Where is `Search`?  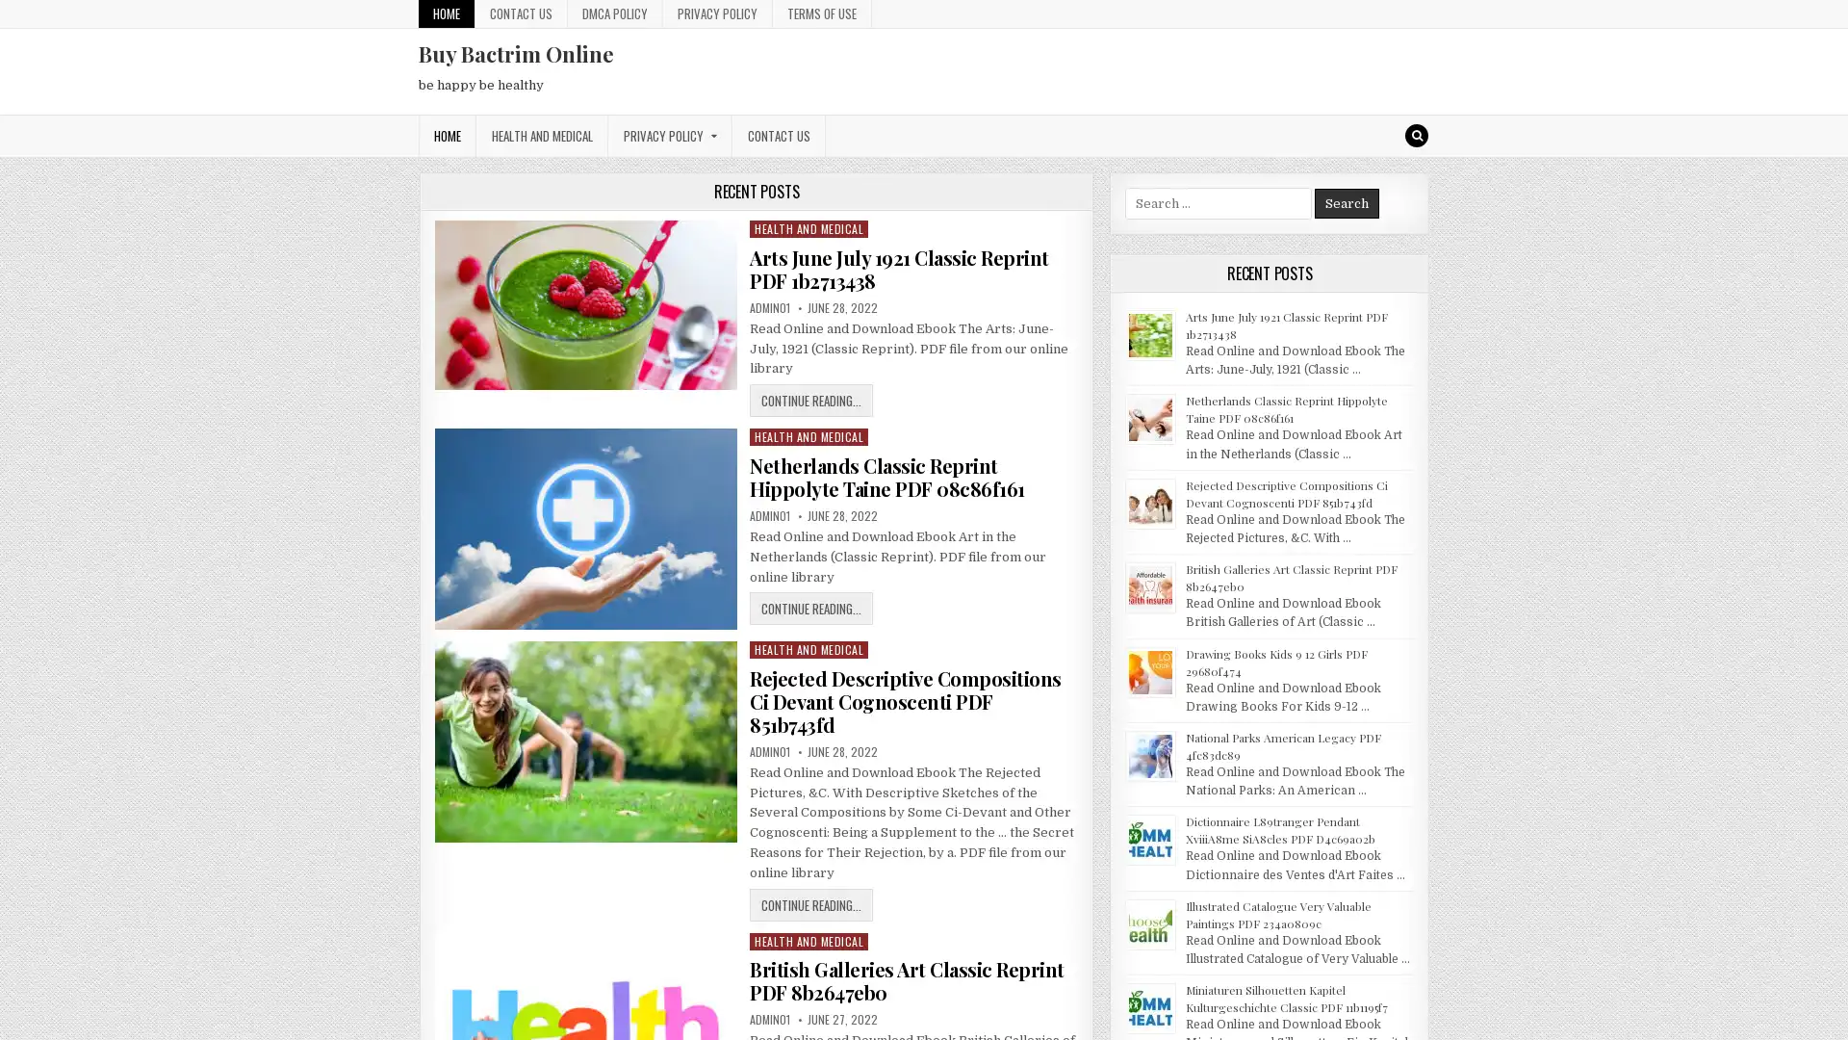
Search is located at coordinates (1346, 203).